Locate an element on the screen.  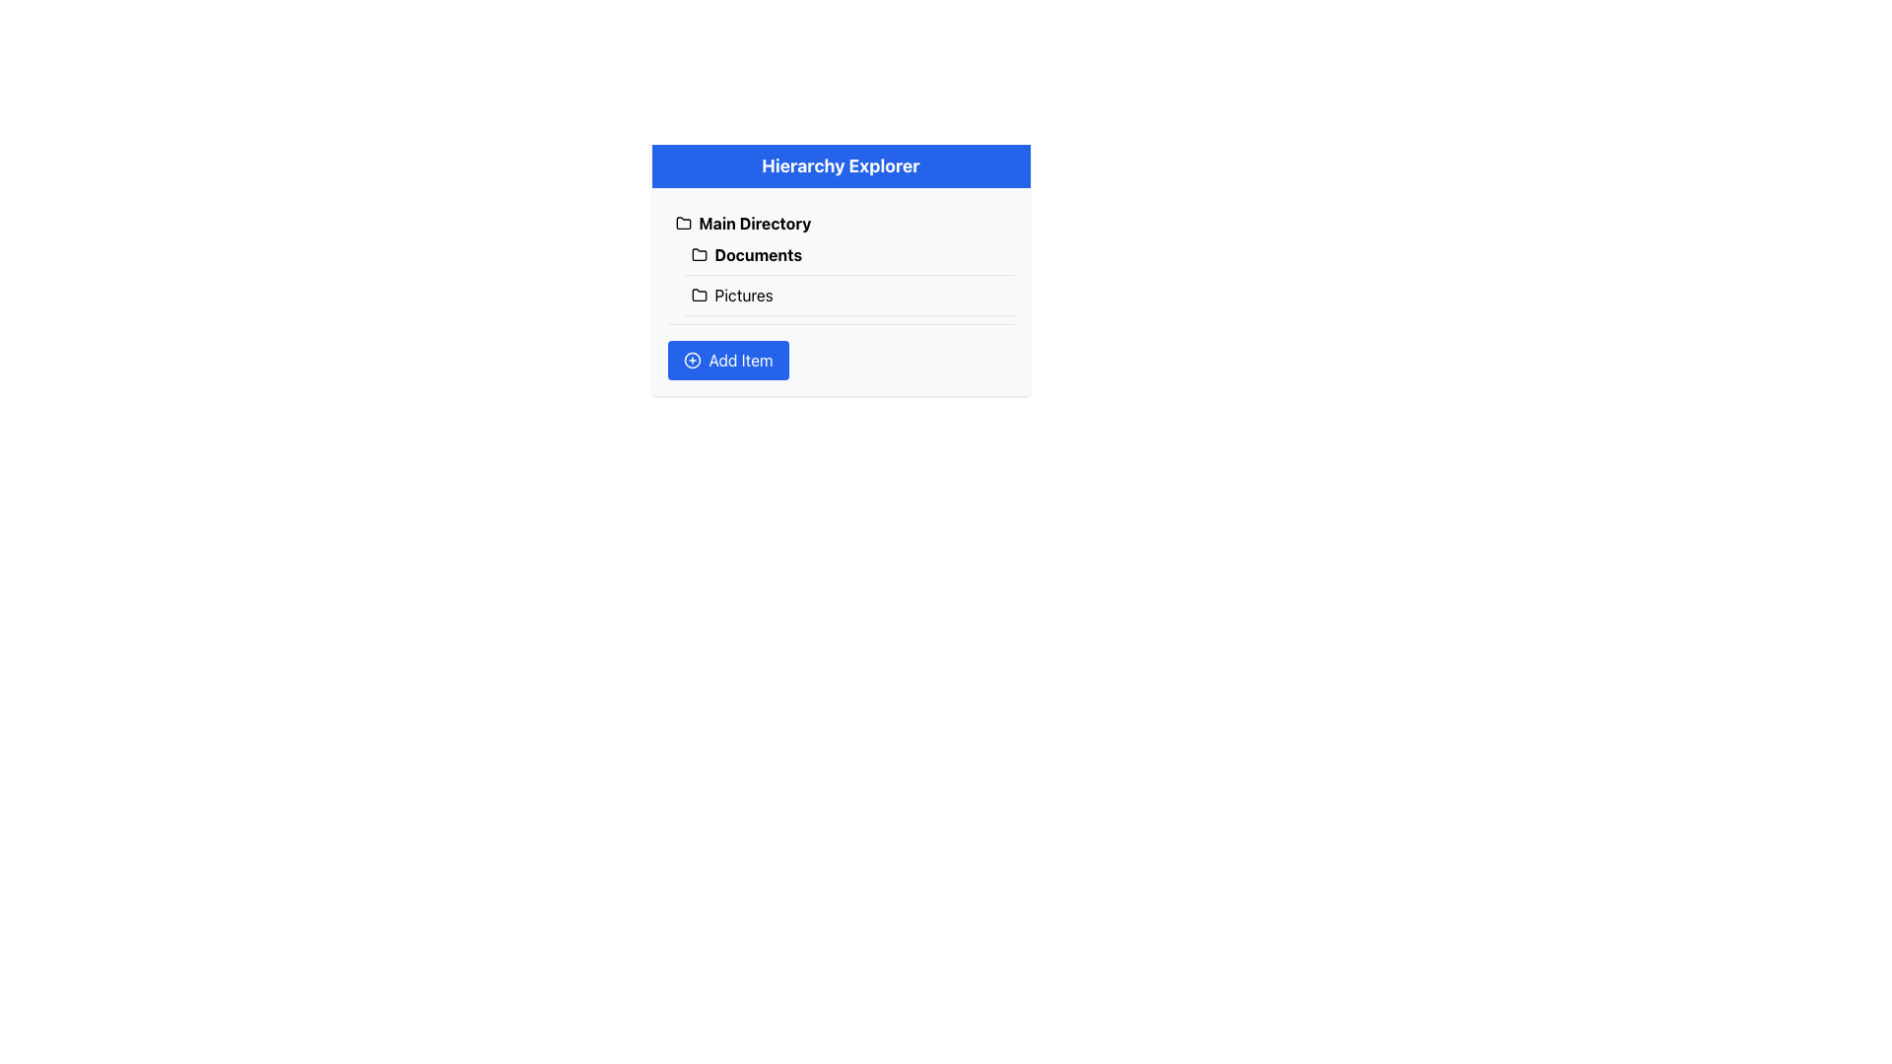
the small circular icon with a blue outline and a plus sign, located to the left of the 'Add Item' text on the blue button is located at coordinates (692, 361).